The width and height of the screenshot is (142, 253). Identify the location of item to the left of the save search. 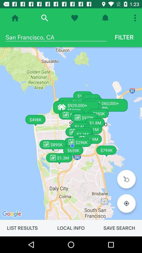
(71, 228).